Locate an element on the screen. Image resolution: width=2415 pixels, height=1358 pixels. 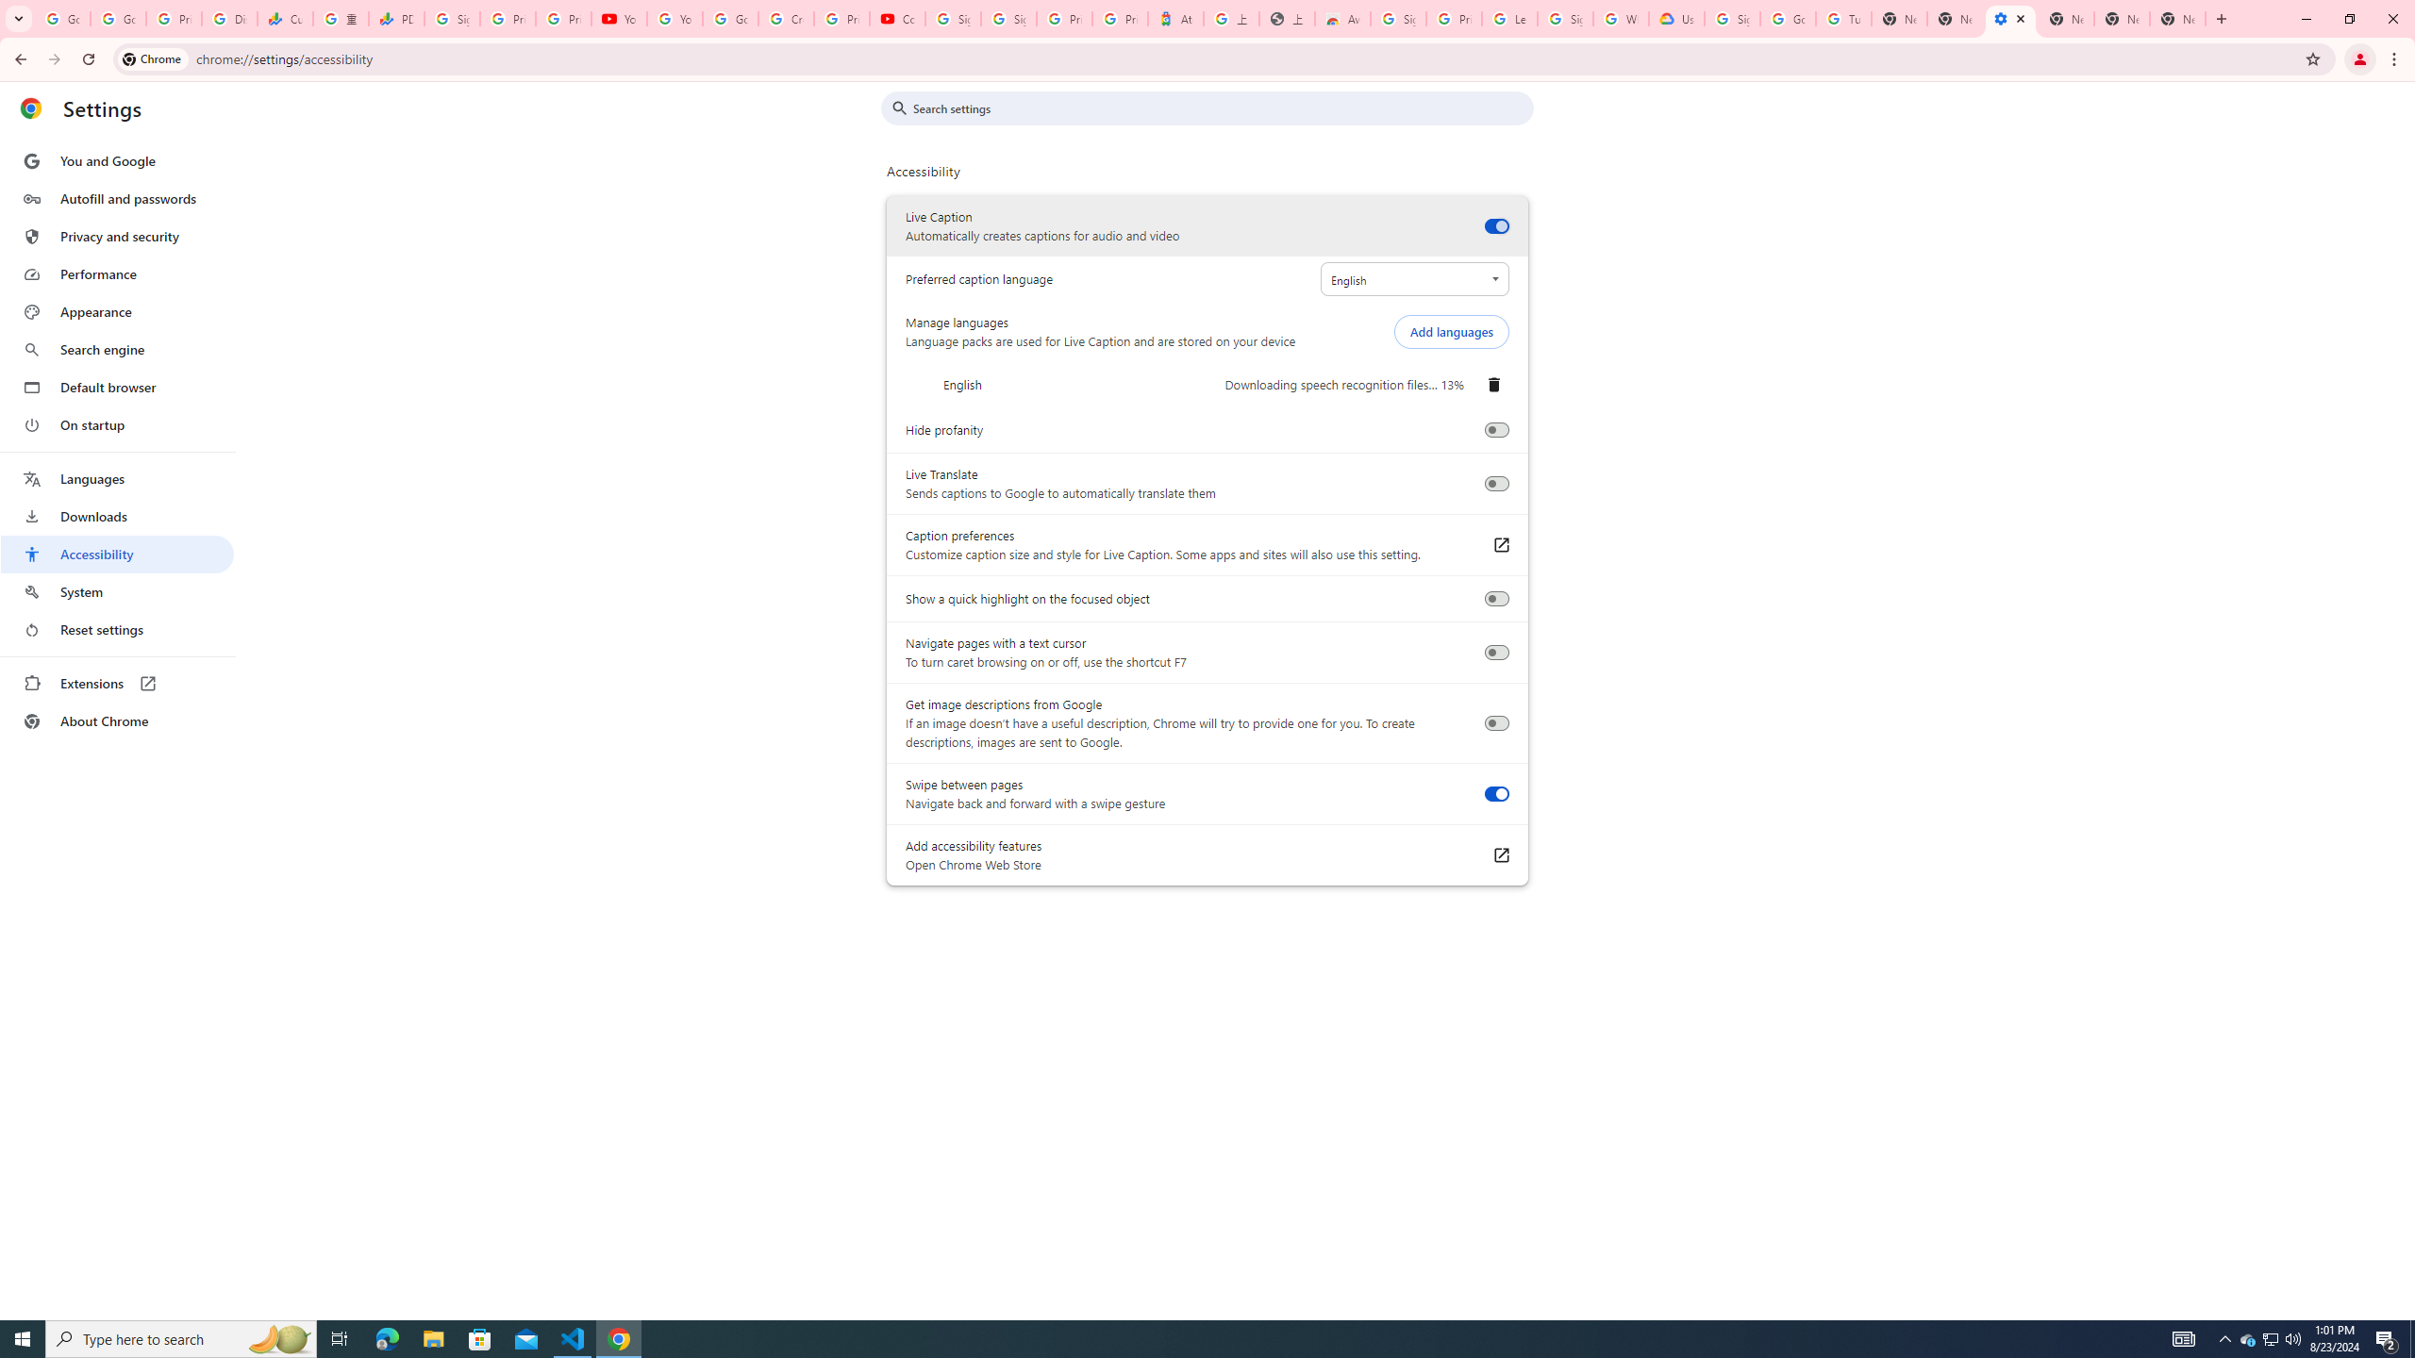
'Hide profanity' is located at coordinates (1495, 429).